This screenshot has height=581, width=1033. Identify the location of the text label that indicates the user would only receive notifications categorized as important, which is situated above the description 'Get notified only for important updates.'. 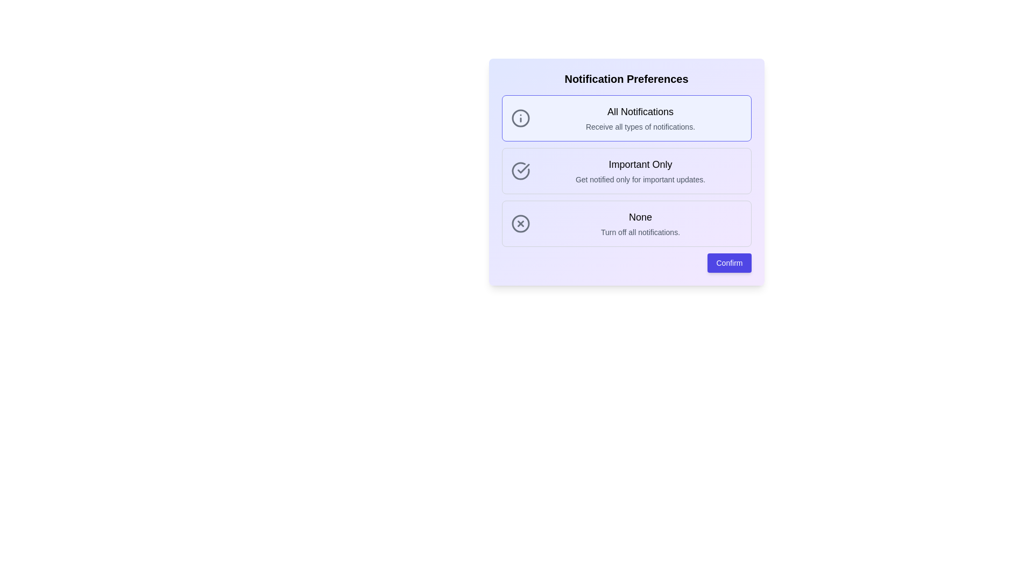
(640, 164).